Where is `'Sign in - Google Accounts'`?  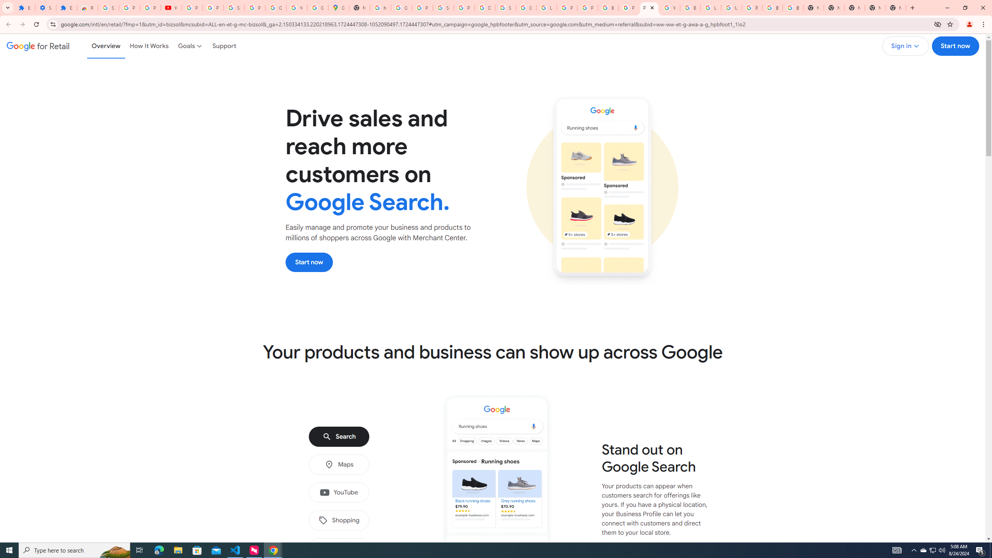 'Sign in - Google Accounts' is located at coordinates (108, 7).